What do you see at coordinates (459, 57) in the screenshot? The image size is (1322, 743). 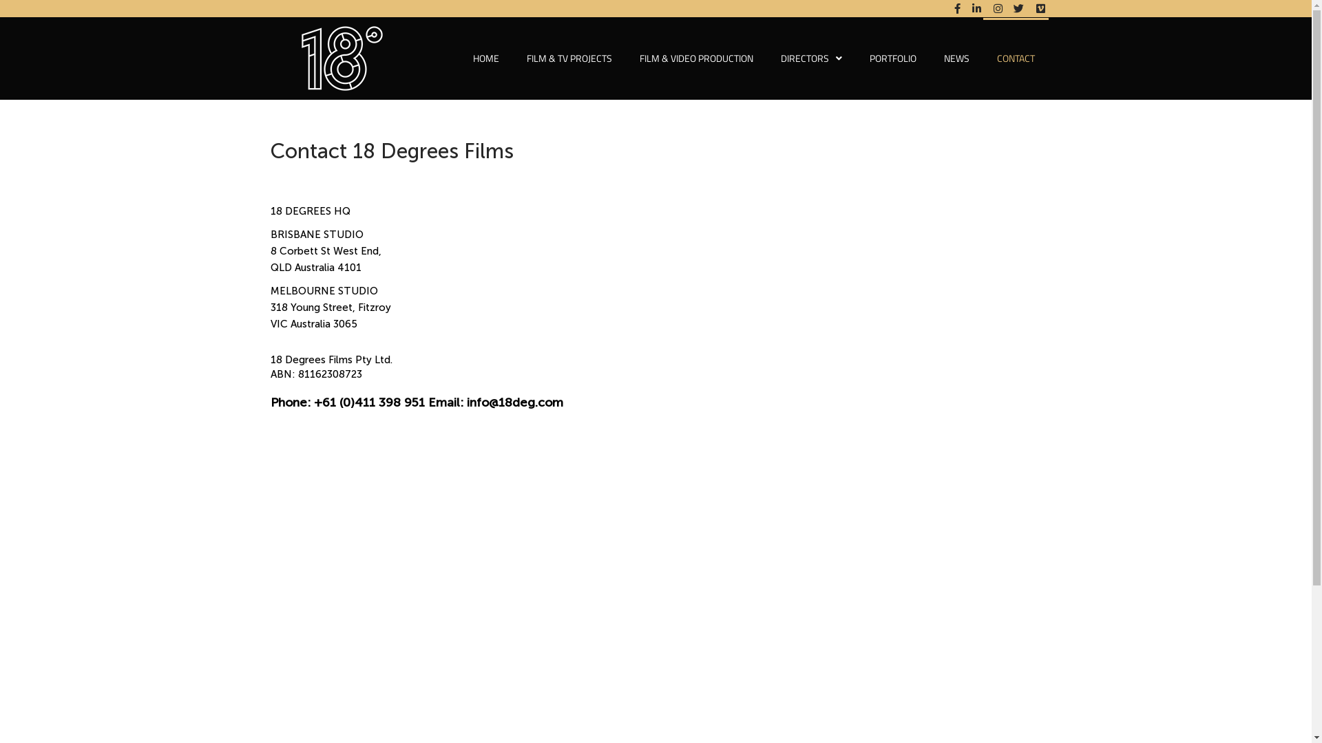 I see `'HOME'` at bounding box center [459, 57].